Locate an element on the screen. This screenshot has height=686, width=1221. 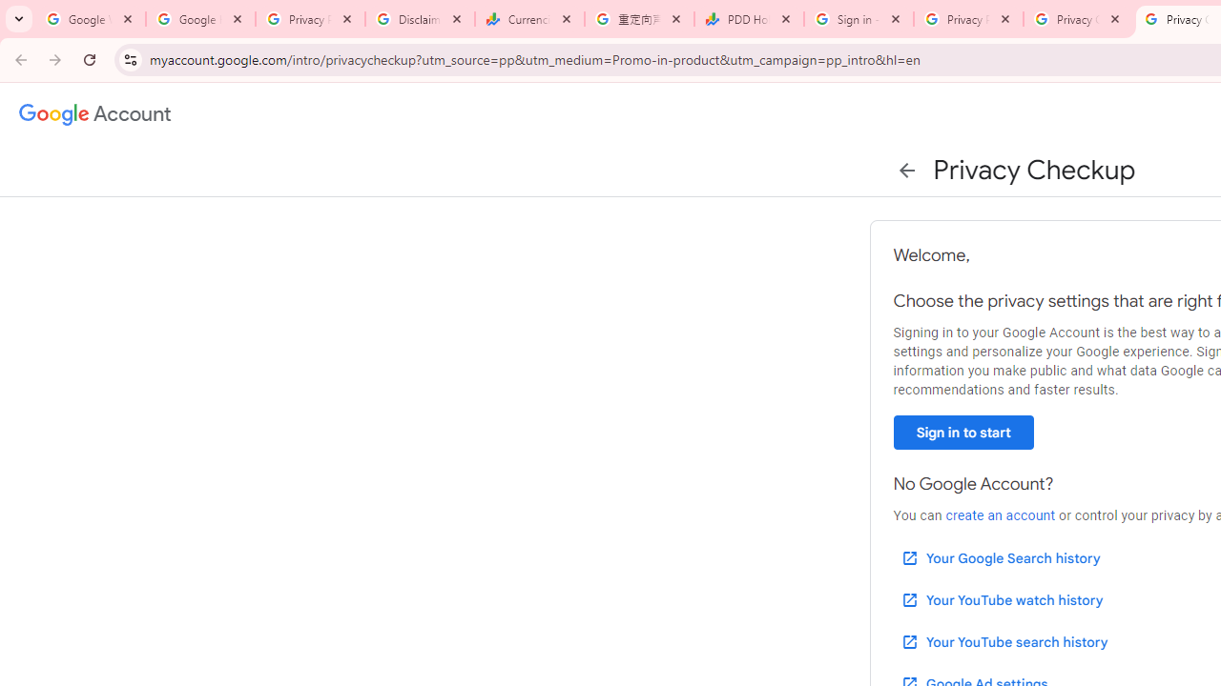
'Google Account settings' is located at coordinates (94, 114).